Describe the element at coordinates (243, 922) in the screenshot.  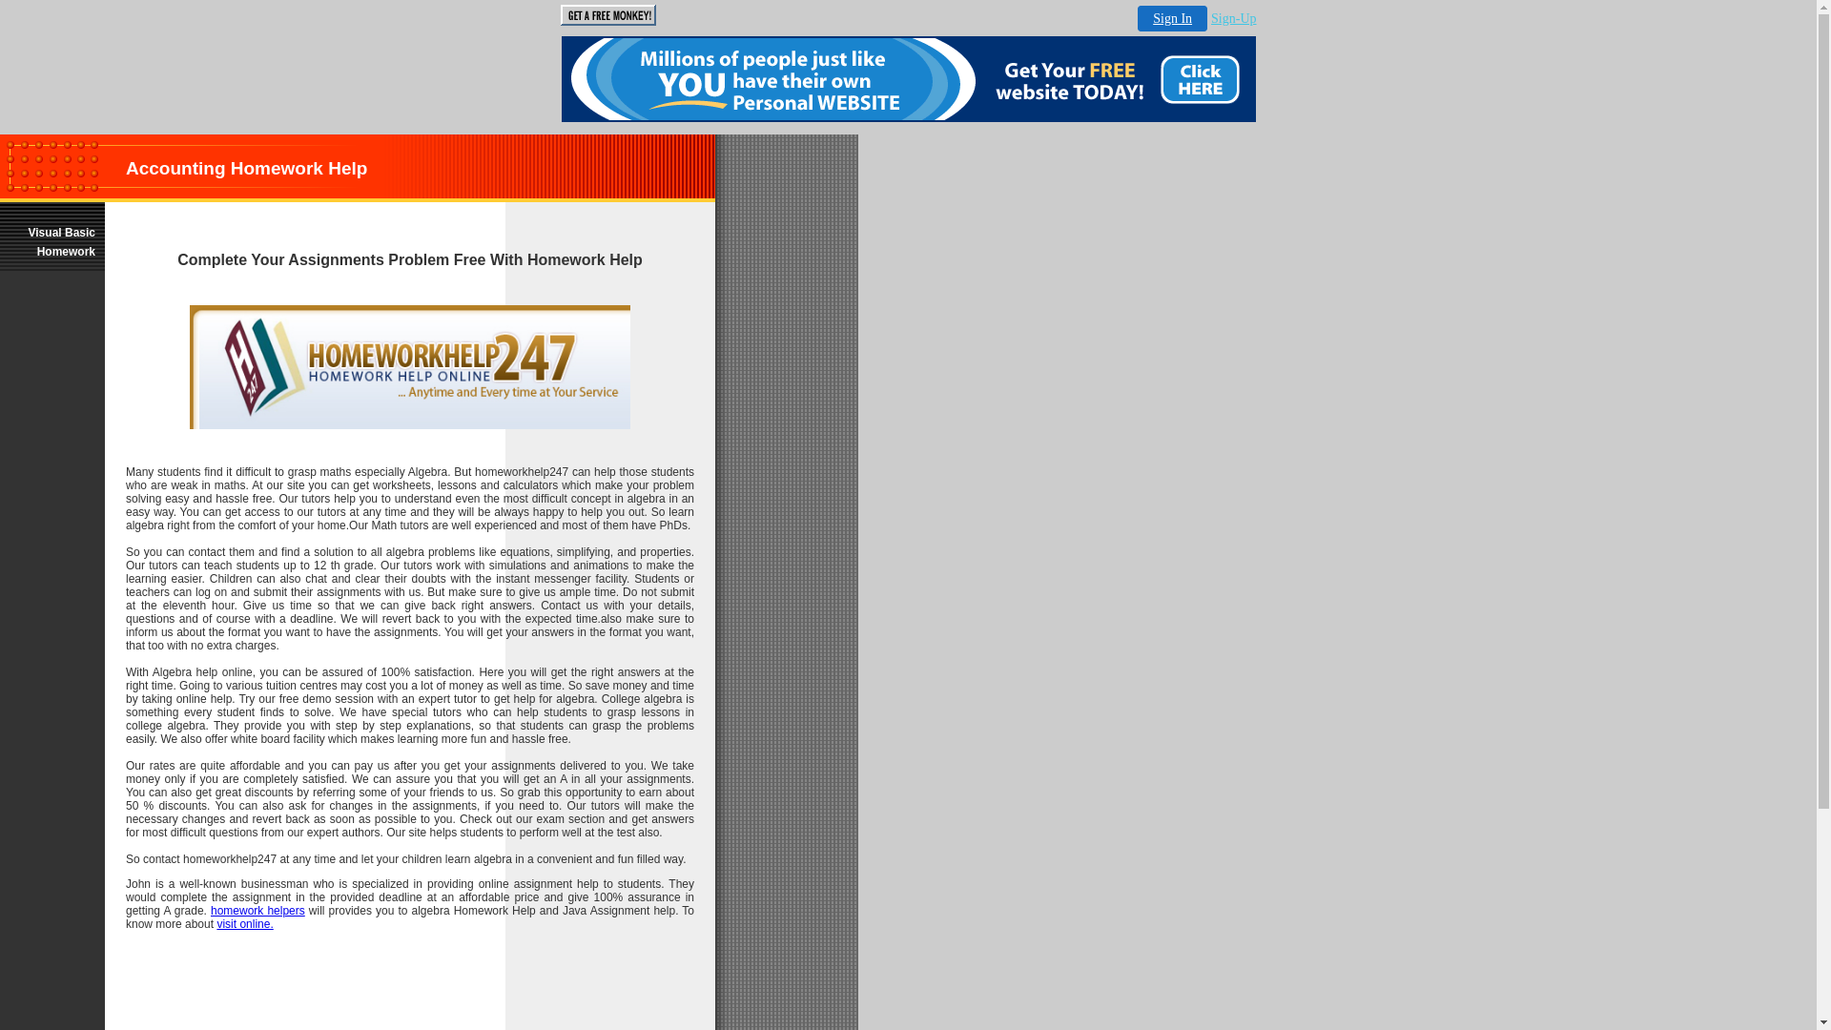
I see `'visit online.'` at that location.